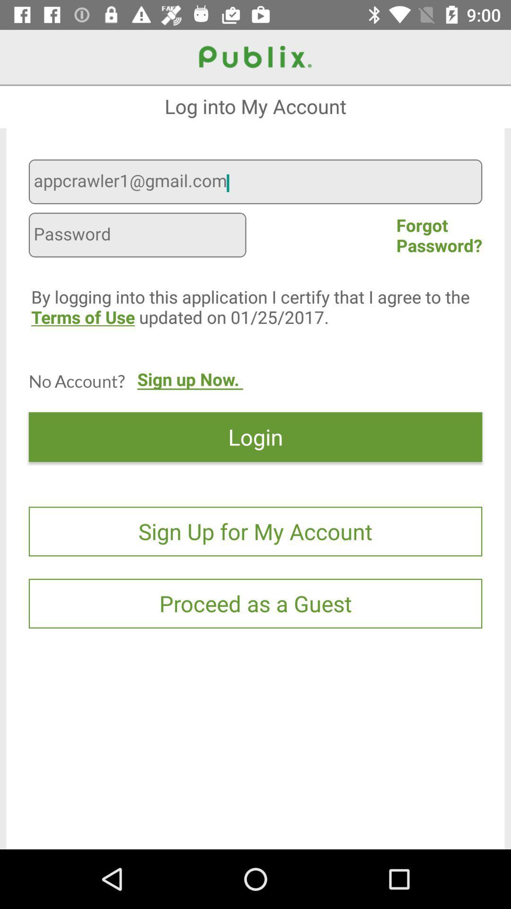 The width and height of the screenshot is (511, 909). Describe the element at coordinates (262, 327) in the screenshot. I see `by logging into` at that location.